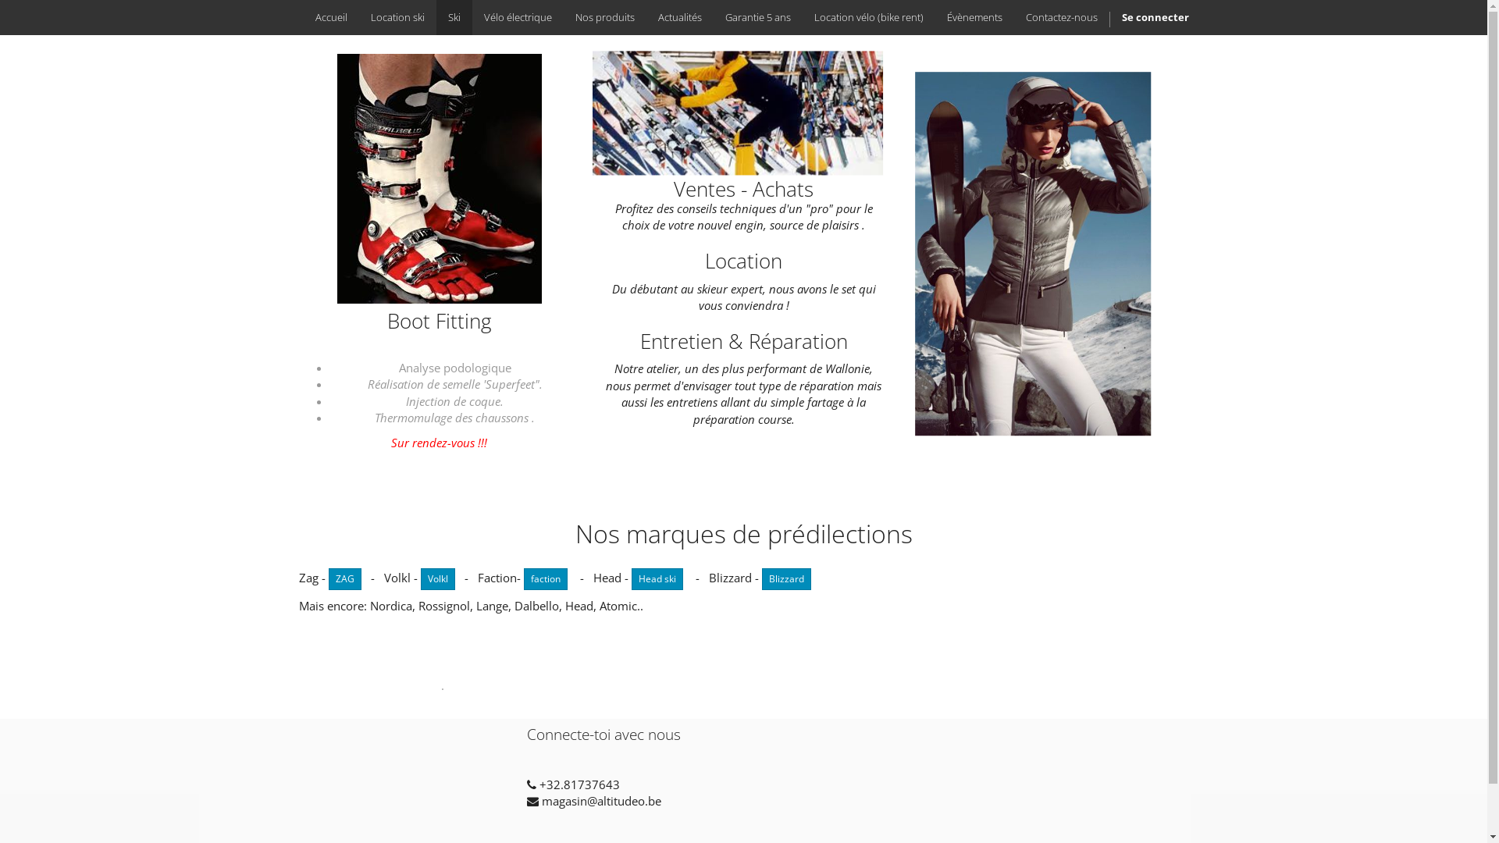 This screenshot has height=843, width=1499. Describe the element at coordinates (604, 17) in the screenshot. I see `'Nos produits'` at that location.